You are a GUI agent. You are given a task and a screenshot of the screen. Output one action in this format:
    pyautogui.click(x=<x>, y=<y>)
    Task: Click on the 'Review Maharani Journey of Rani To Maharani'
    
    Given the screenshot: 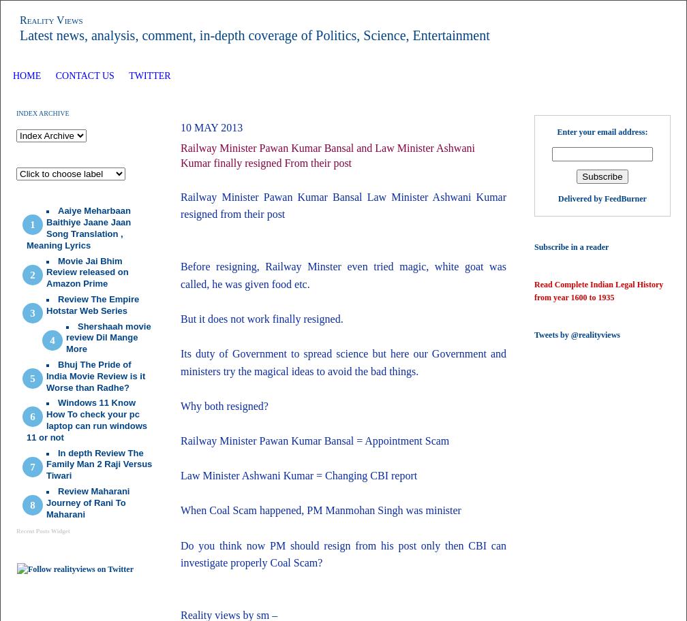 What is the action you would take?
    pyautogui.click(x=46, y=501)
    